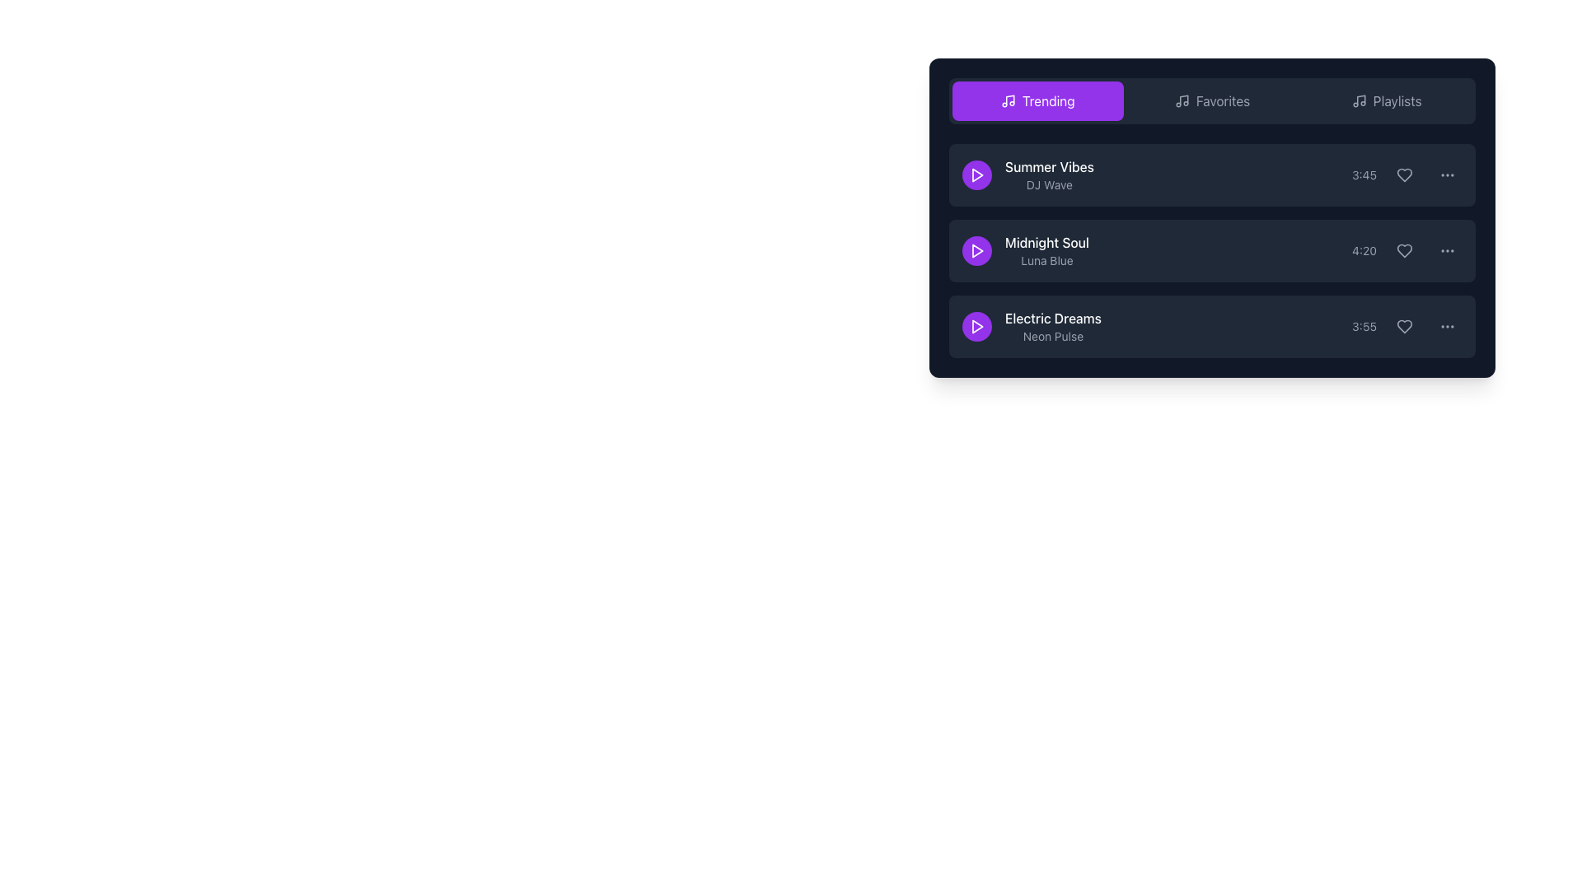 This screenshot has height=889, width=1582. What do you see at coordinates (1364, 175) in the screenshot?
I see `the static text label that displays the duration of a media item, positioned between the text and icon elements in the top item of the vertical list` at bounding box center [1364, 175].